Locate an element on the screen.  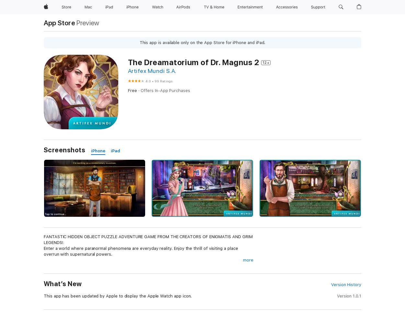
'12+' is located at coordinates (265, 62).